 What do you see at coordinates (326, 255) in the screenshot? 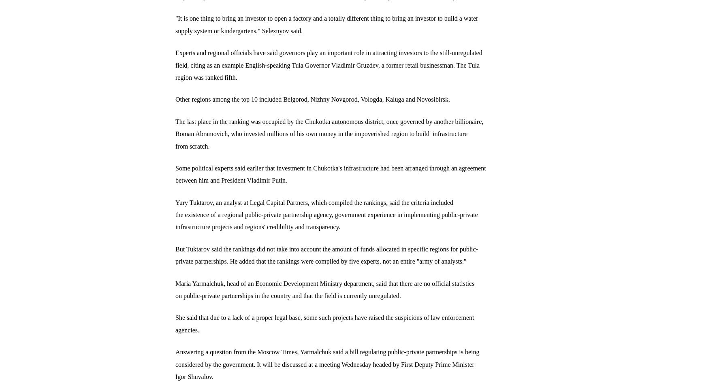
I see `'But Tuktarov said the rankings did not take into account the amount of funds allocated in specific regions for public-private partnerships. He added that the rankings were compiled by five experts, not an entire "army of analysts."'` at bounding box center [326, 255].